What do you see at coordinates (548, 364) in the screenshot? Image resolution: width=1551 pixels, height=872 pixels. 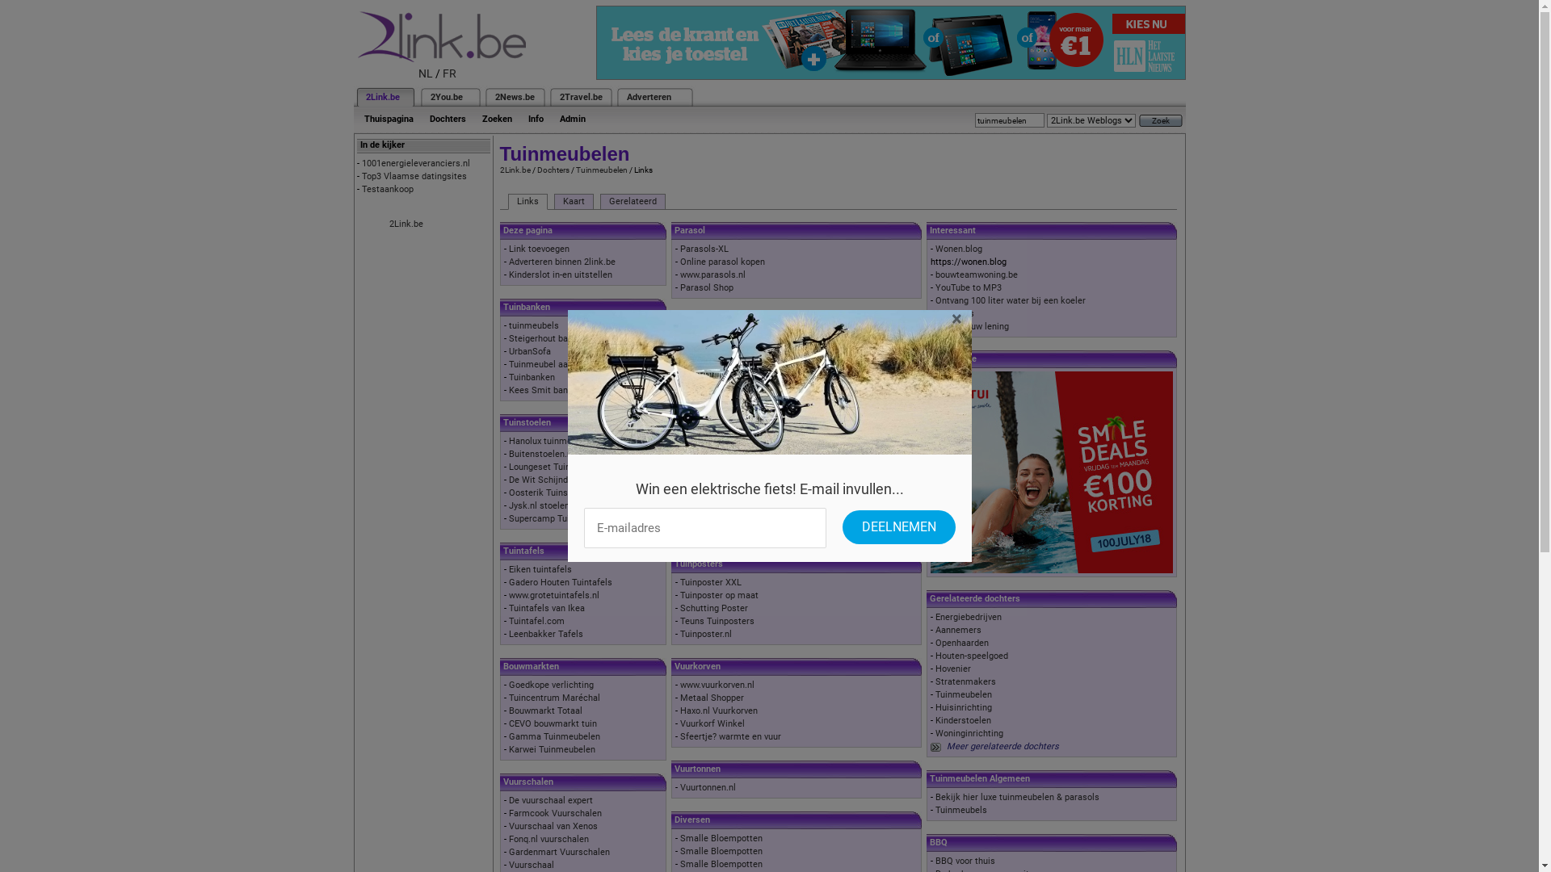 I see `'Tuinmeubel aanbod'` at bounding box center [548, 364].